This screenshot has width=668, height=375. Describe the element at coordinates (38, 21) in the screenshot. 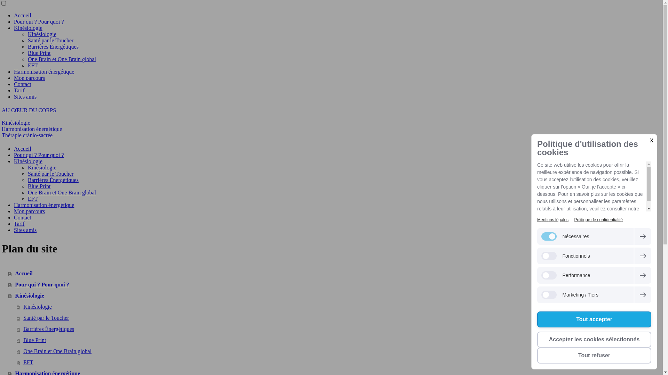

I see `'Pour qui ? Pour quoi ?'` at that location.